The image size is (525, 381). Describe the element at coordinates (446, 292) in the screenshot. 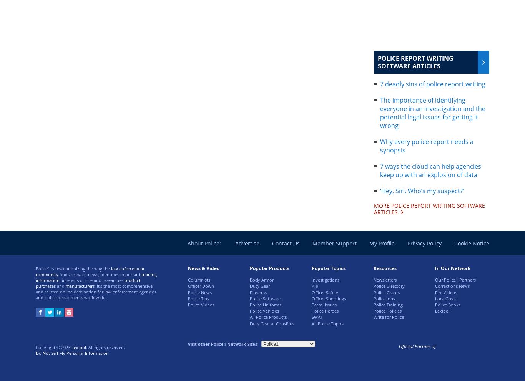

I see `'Fire Videos'` at that location.